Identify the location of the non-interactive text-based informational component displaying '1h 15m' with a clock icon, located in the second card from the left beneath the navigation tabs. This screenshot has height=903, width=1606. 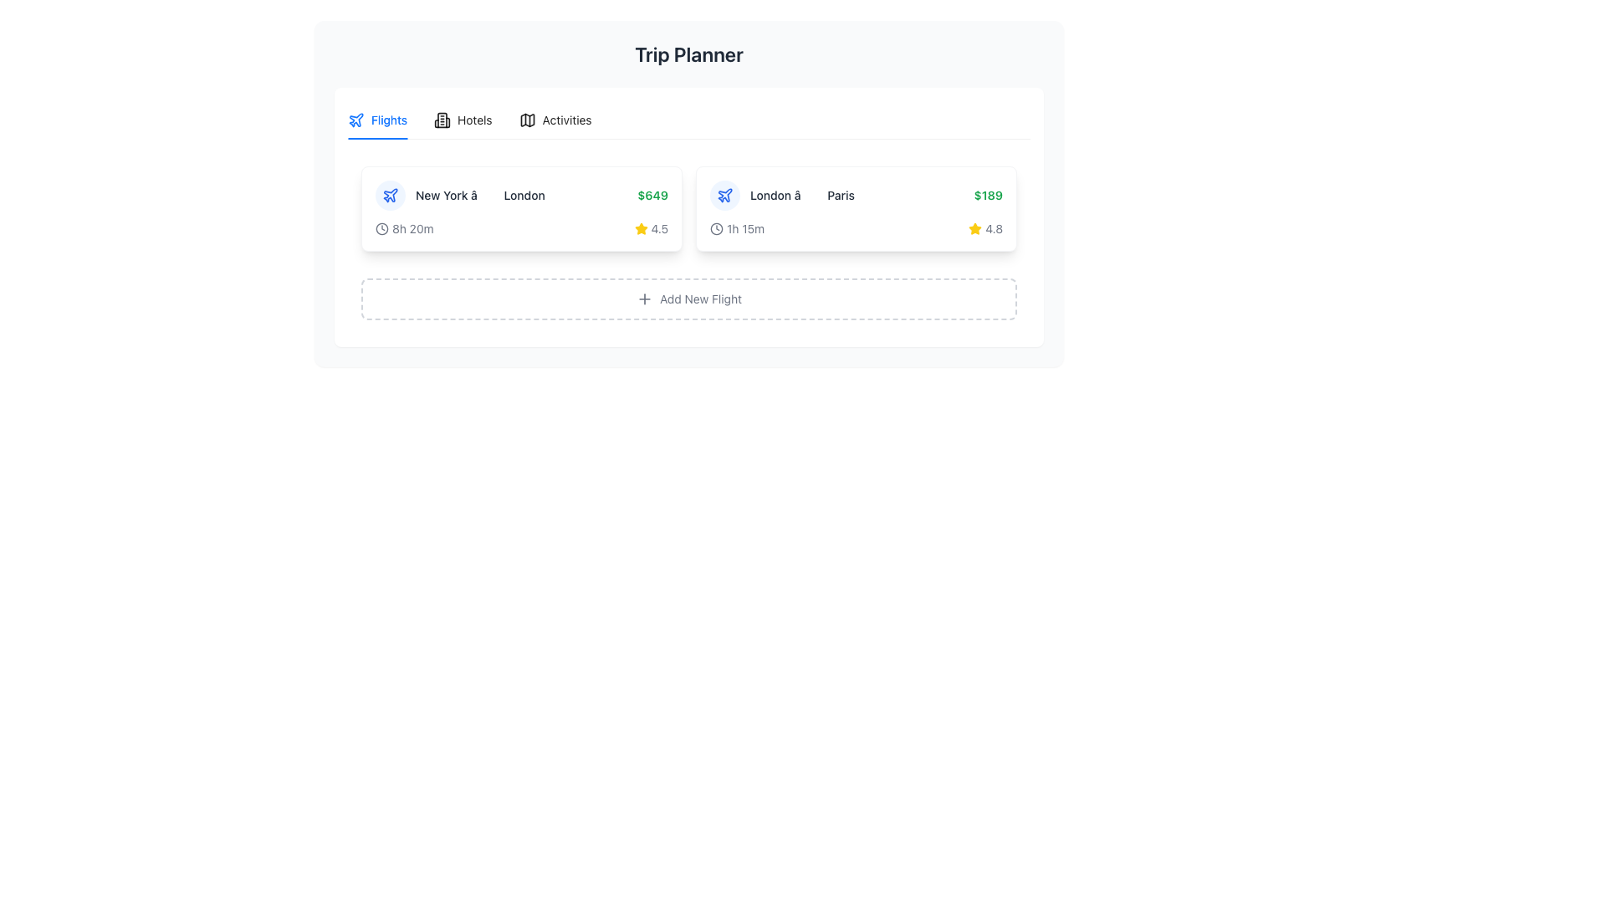
(736, 228).